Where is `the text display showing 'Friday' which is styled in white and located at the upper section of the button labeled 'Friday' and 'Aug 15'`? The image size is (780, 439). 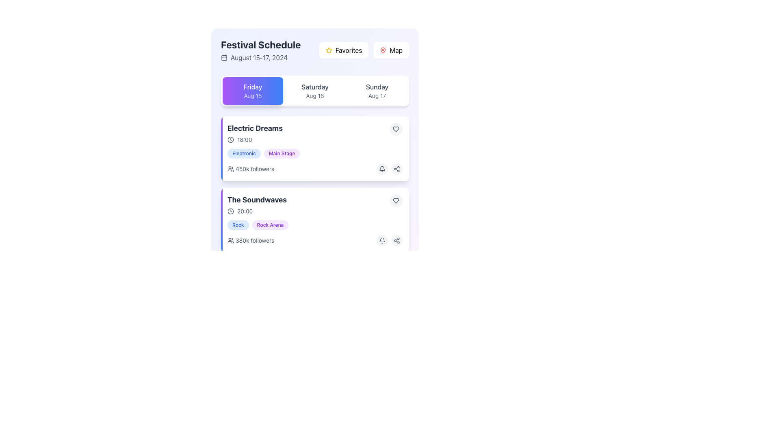 the text display showing 'Friday' which is styled in white and located at the upper section of the button labeled 'Friday' and 'Aug 15' is located at coordinates (252, 87).